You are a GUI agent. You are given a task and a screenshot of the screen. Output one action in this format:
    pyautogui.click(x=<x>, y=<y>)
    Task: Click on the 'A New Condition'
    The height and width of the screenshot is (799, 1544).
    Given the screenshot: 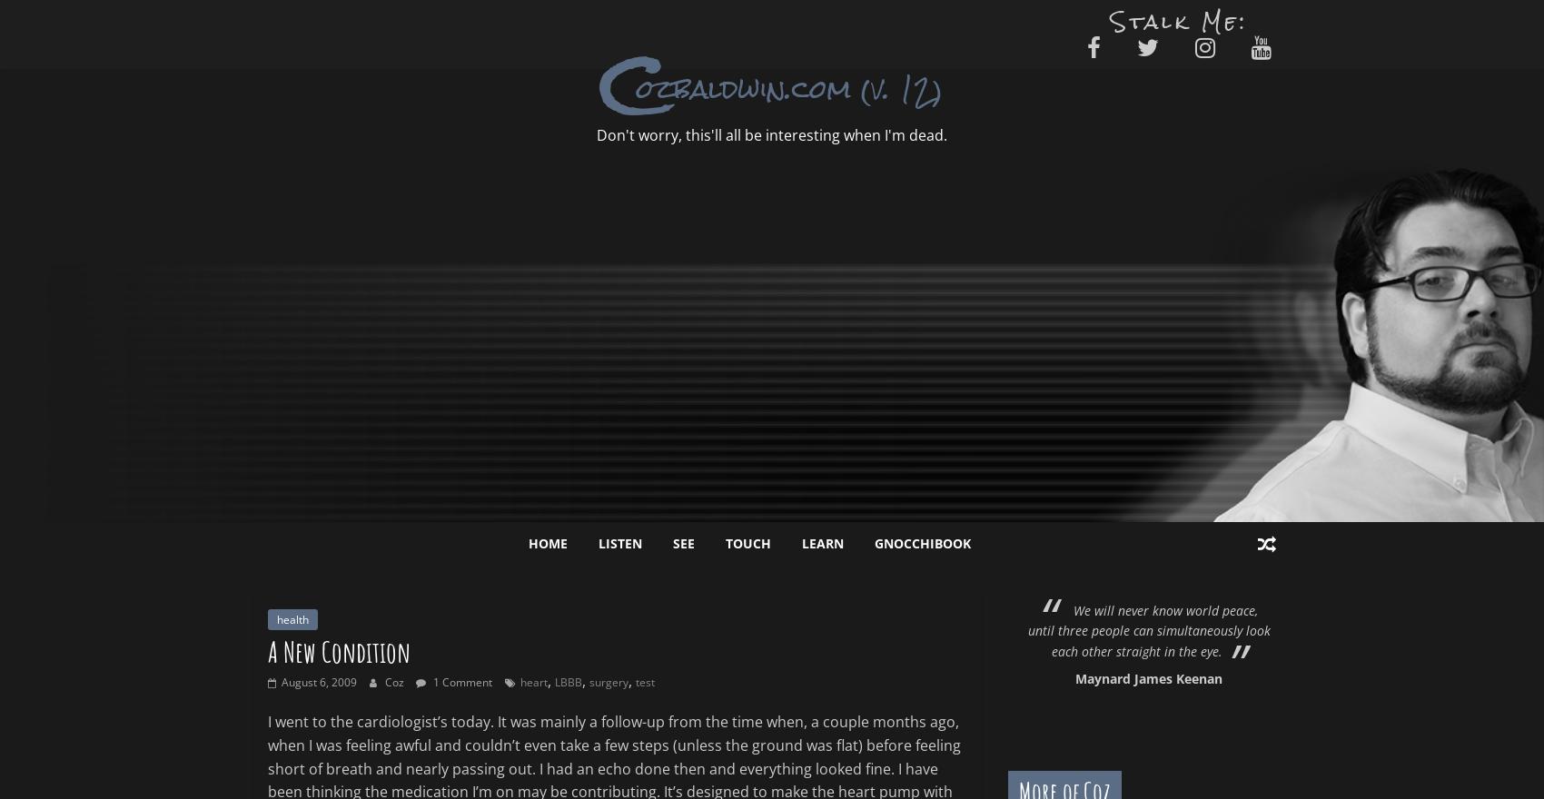 What is the action you would take?
    pyautogui.click(x=338, y=651)
    